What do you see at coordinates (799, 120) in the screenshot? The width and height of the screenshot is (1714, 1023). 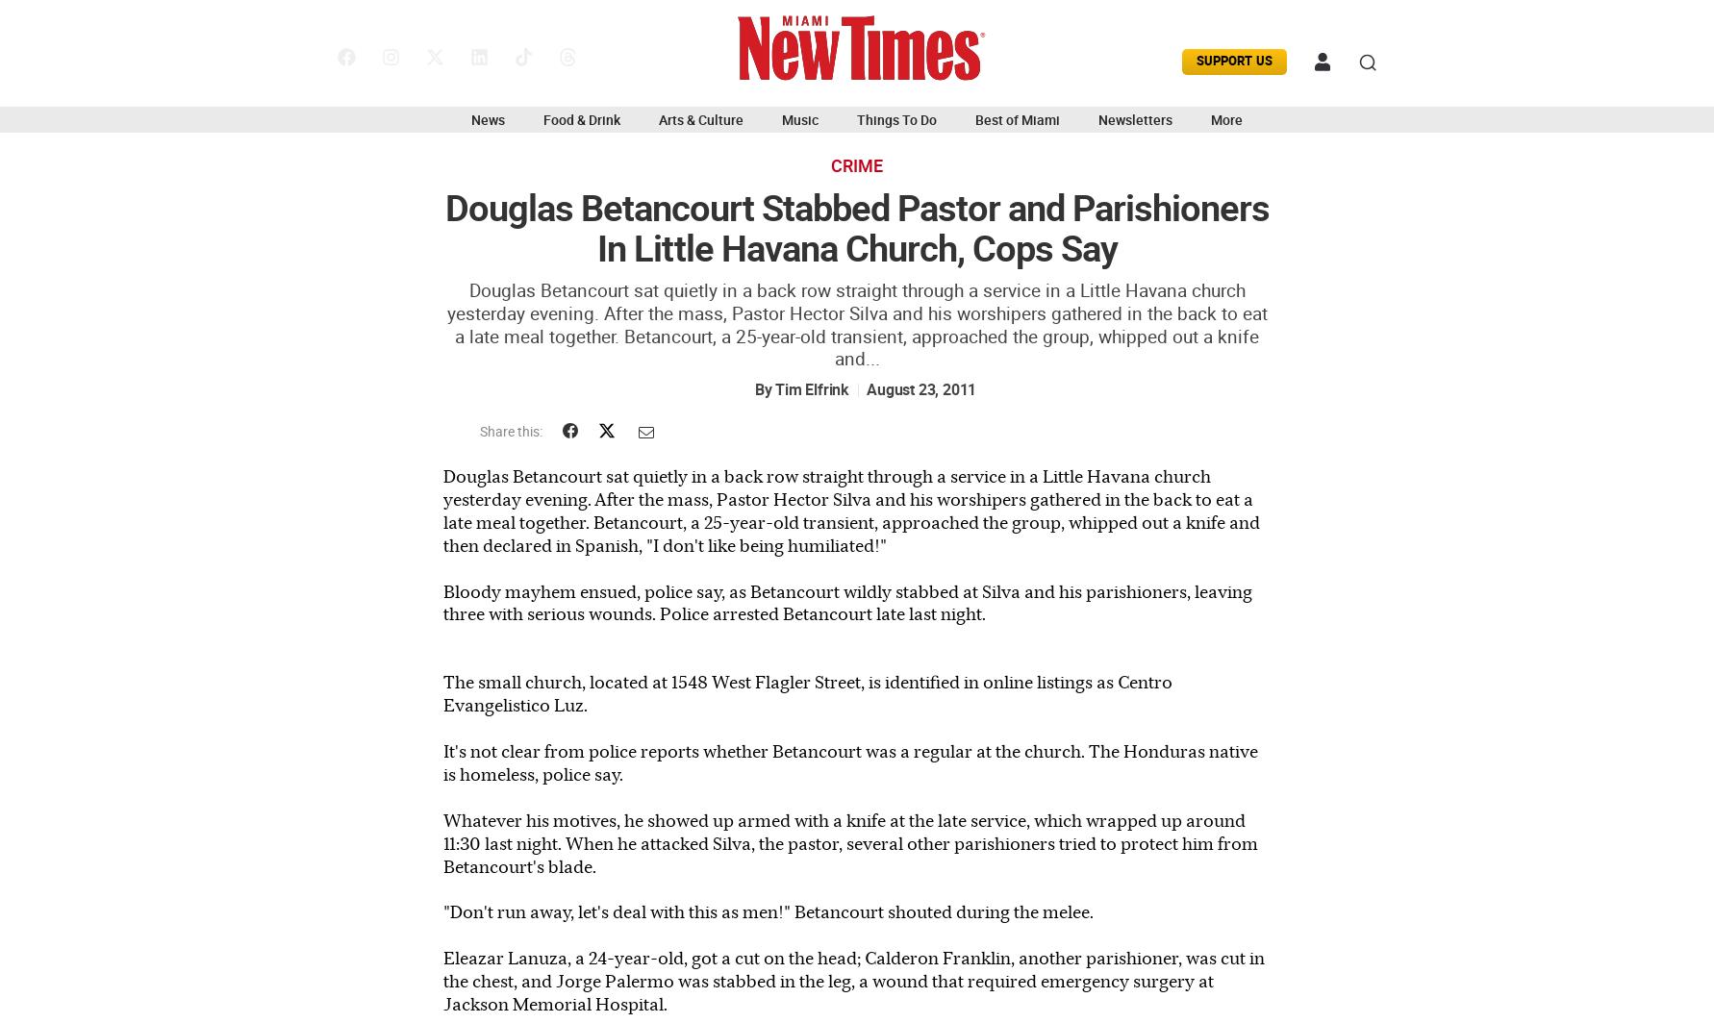 I see `'Music'` at bounding box center [799, 120].